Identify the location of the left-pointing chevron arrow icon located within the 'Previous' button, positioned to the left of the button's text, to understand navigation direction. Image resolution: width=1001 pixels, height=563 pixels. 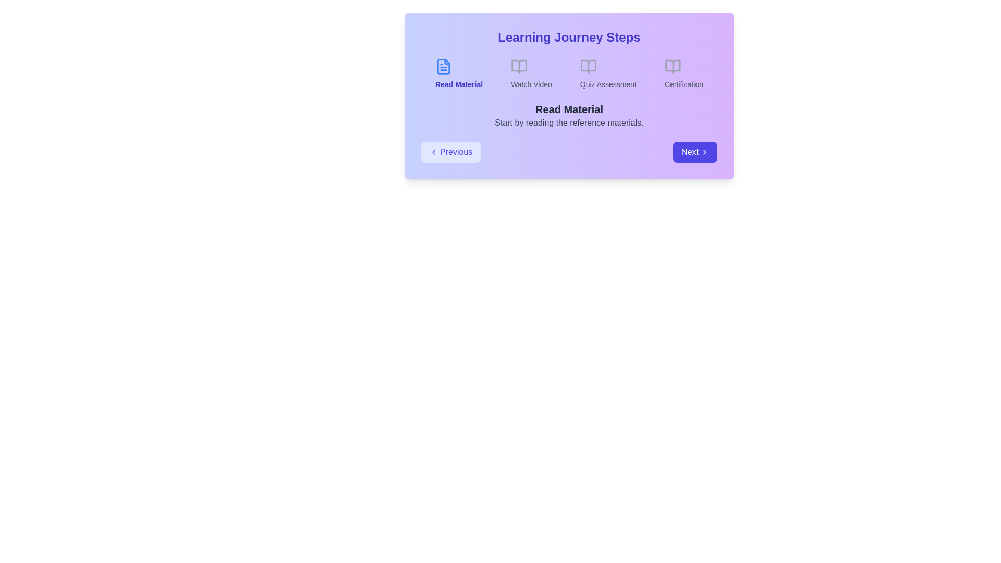
(433, 152).